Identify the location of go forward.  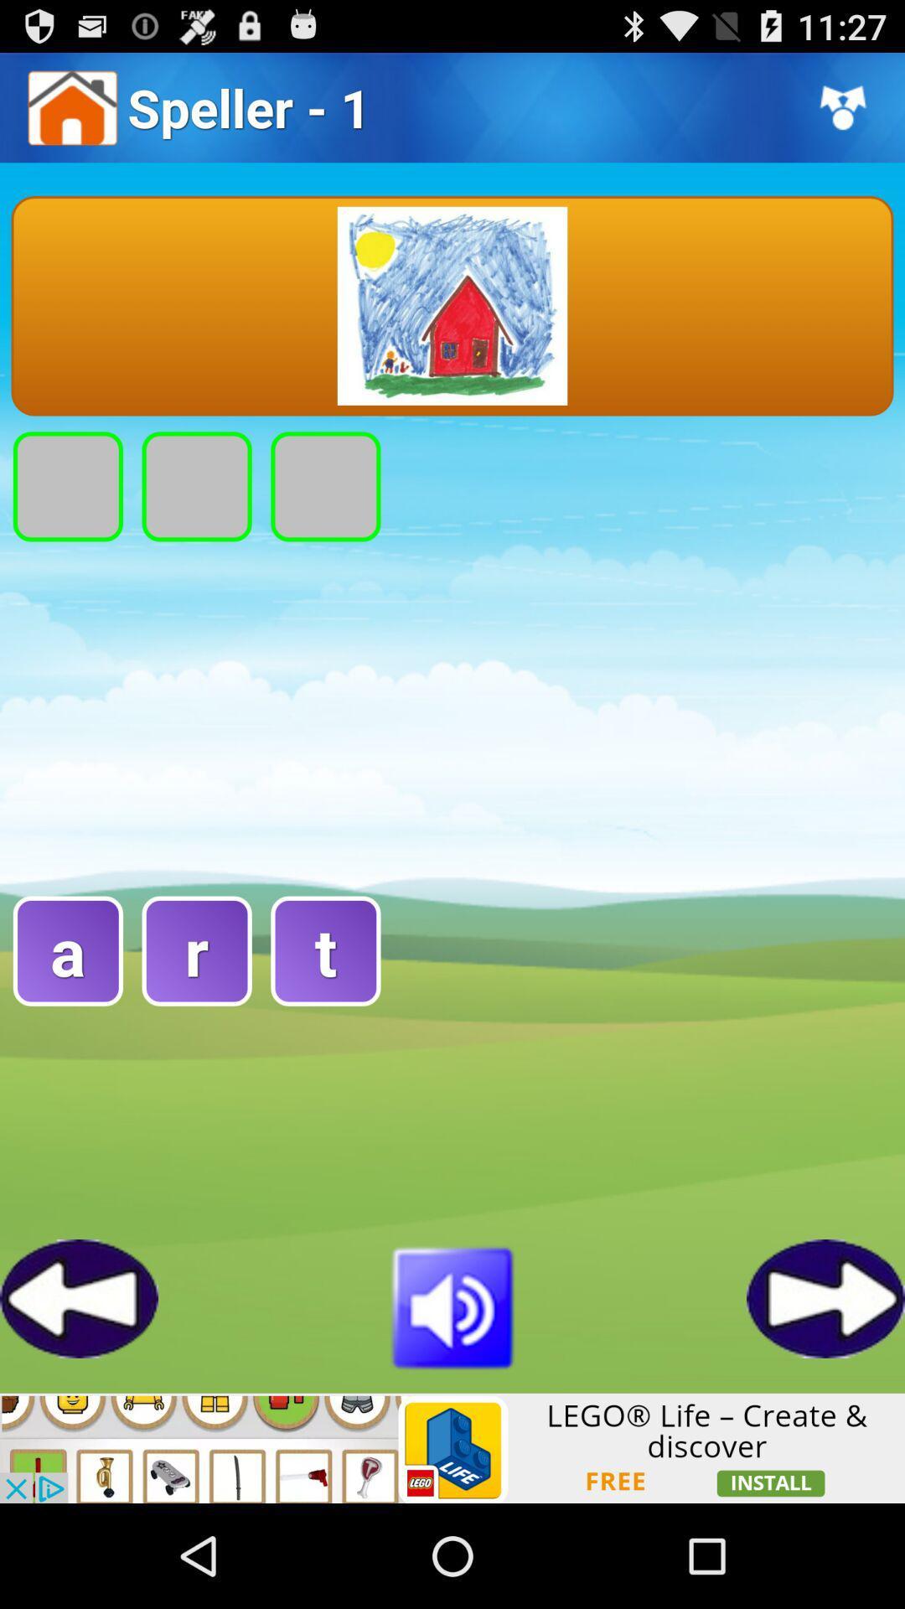
(825, 1297).